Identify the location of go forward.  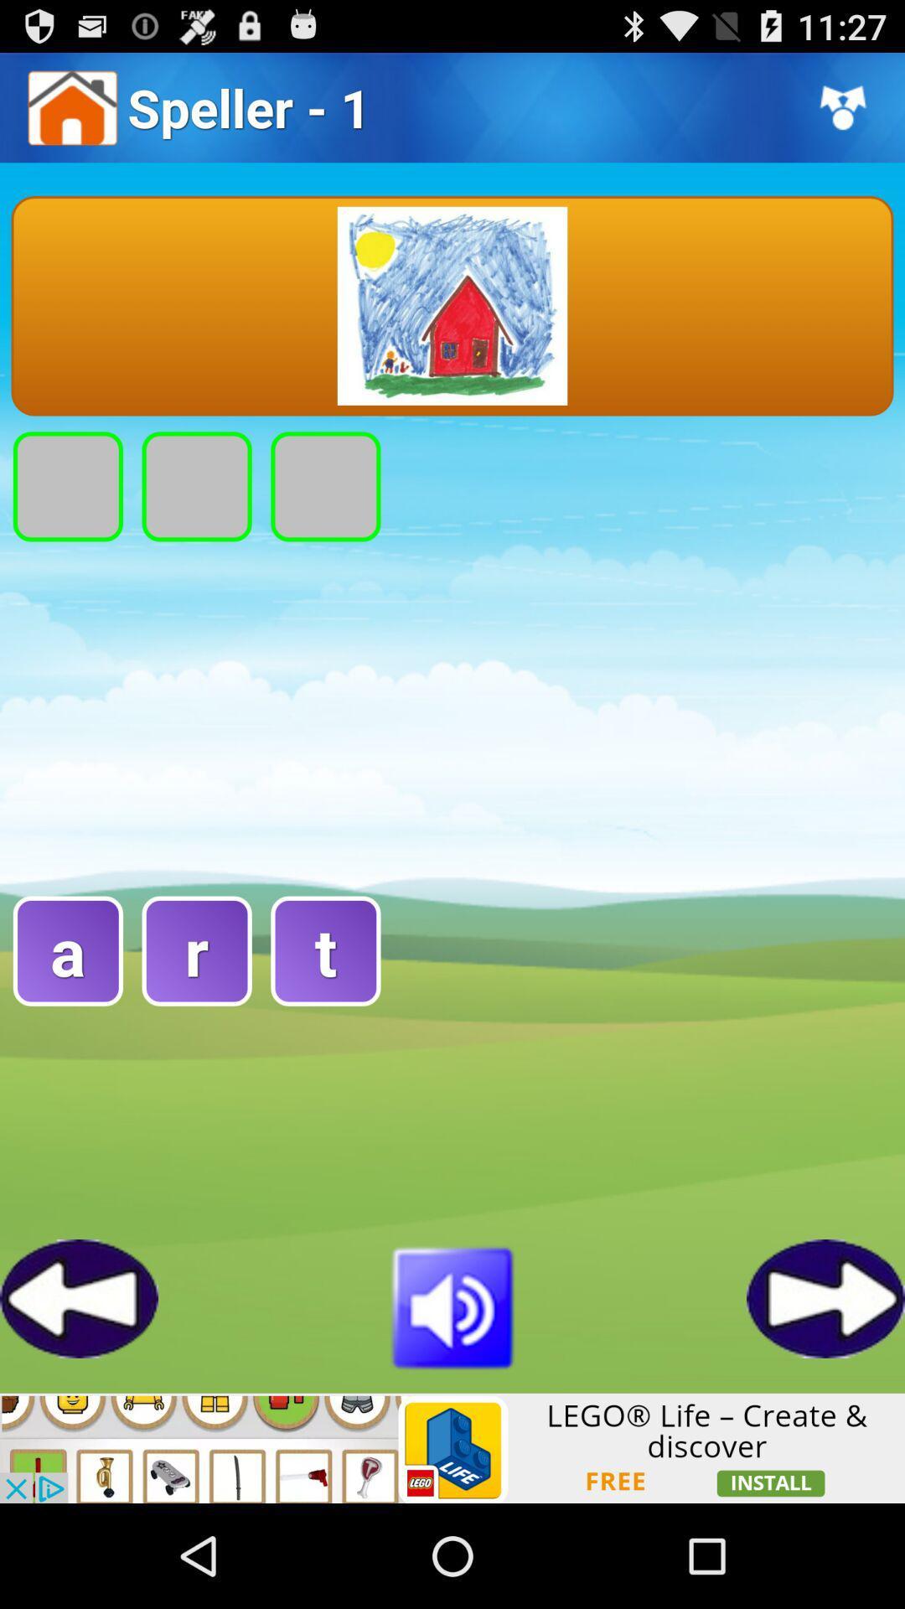
(825, 1297).